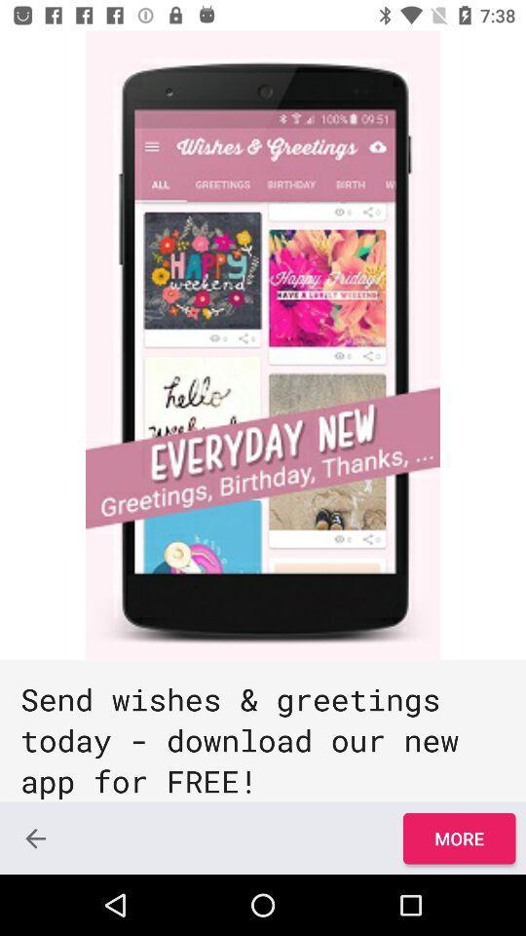 Image resolution: width=526 pixels, height=936 pixels. I want to click on item below the send wishes greetings icon, so click(459, 838).